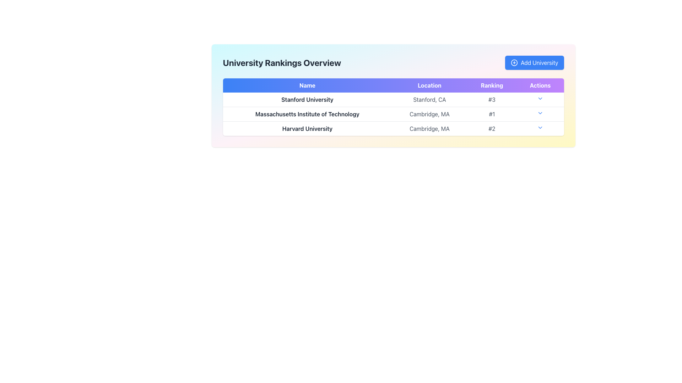 The height and width of the screenshot is (383, 682). Describe the element at coordinates (492, 100) in the screenshot. I see `the text snippet displaying '#3' in gray color, located in the 'Ranking' column of the first row, between 'Stanford, CA' and the 'Actions' column` at that location.